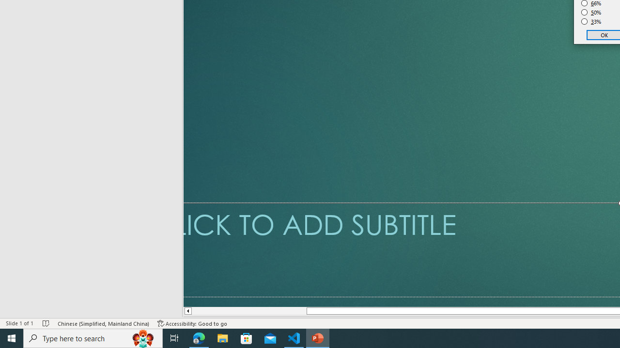  Describe the element at coordinates (199, 337) in the screenshot. I see `'Microsoft Edge - 1 running window'` at that location.